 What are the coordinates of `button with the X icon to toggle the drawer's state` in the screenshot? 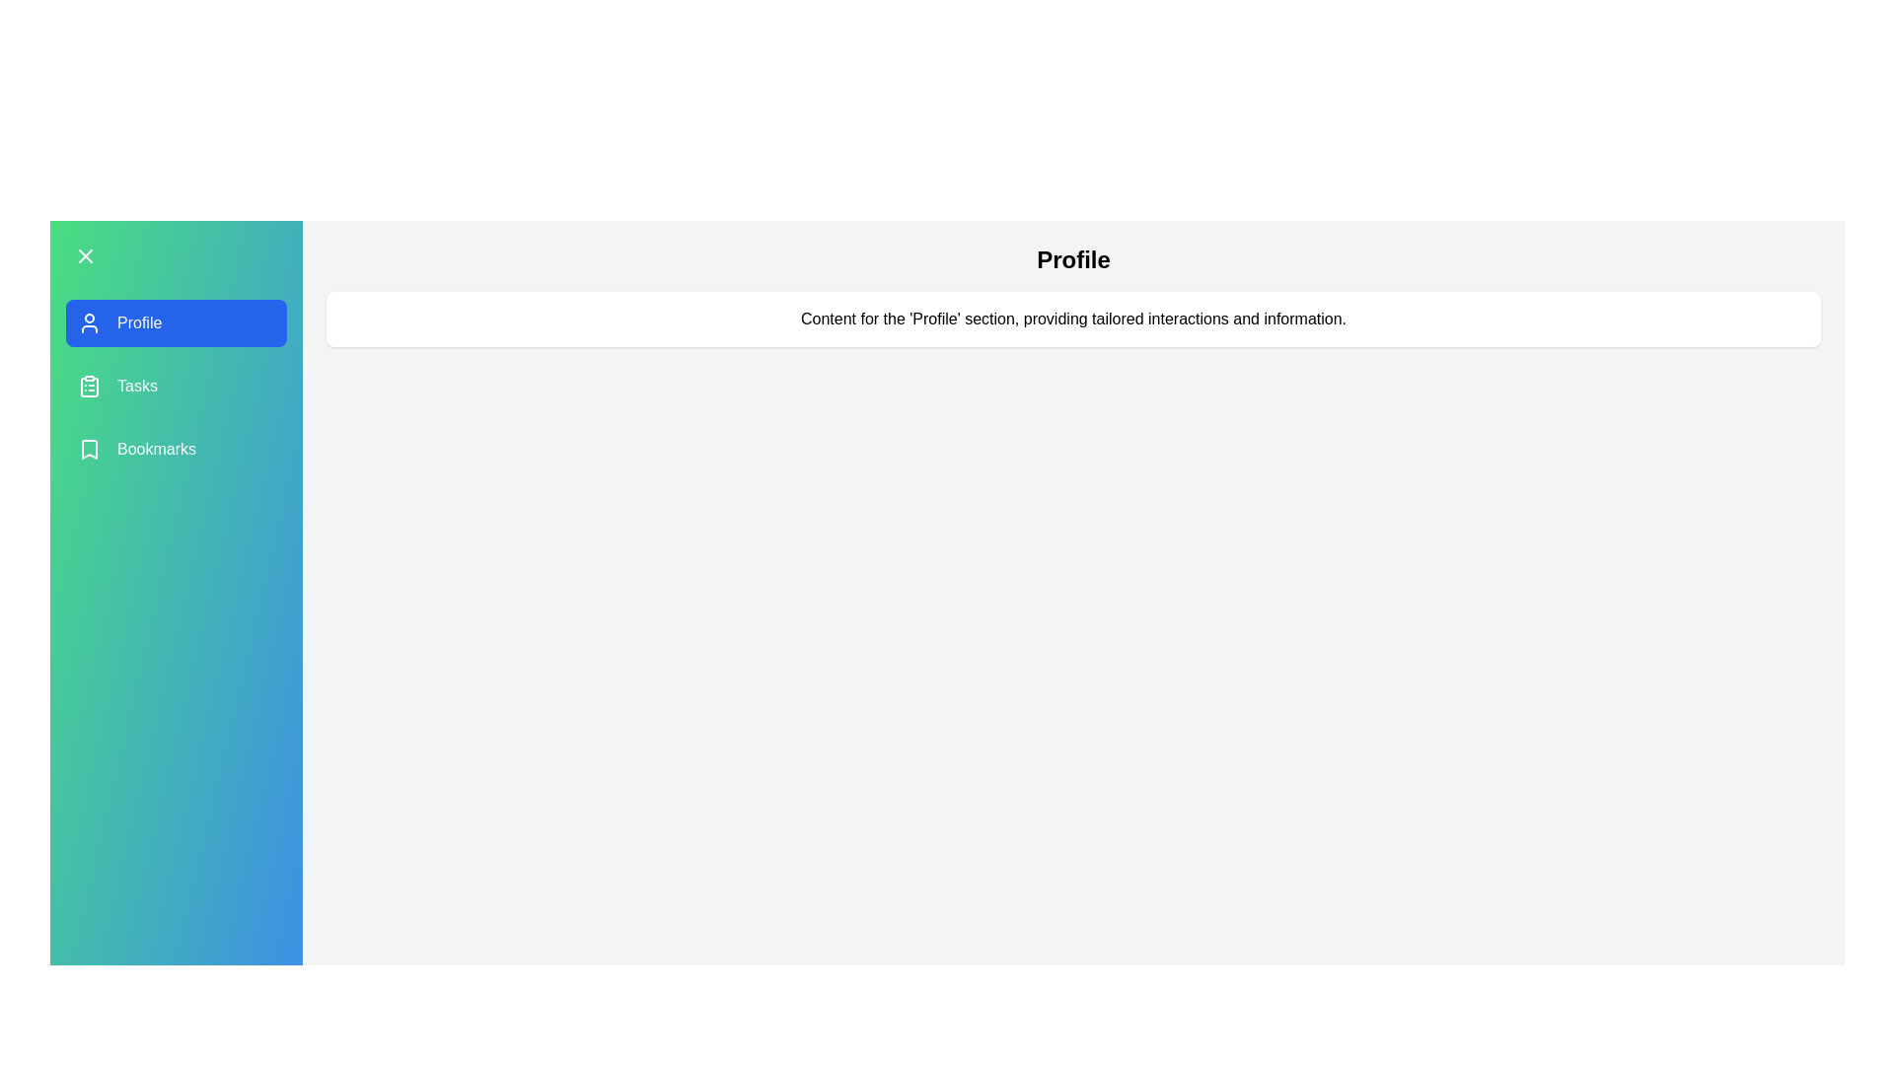 It's located at (84, 254).